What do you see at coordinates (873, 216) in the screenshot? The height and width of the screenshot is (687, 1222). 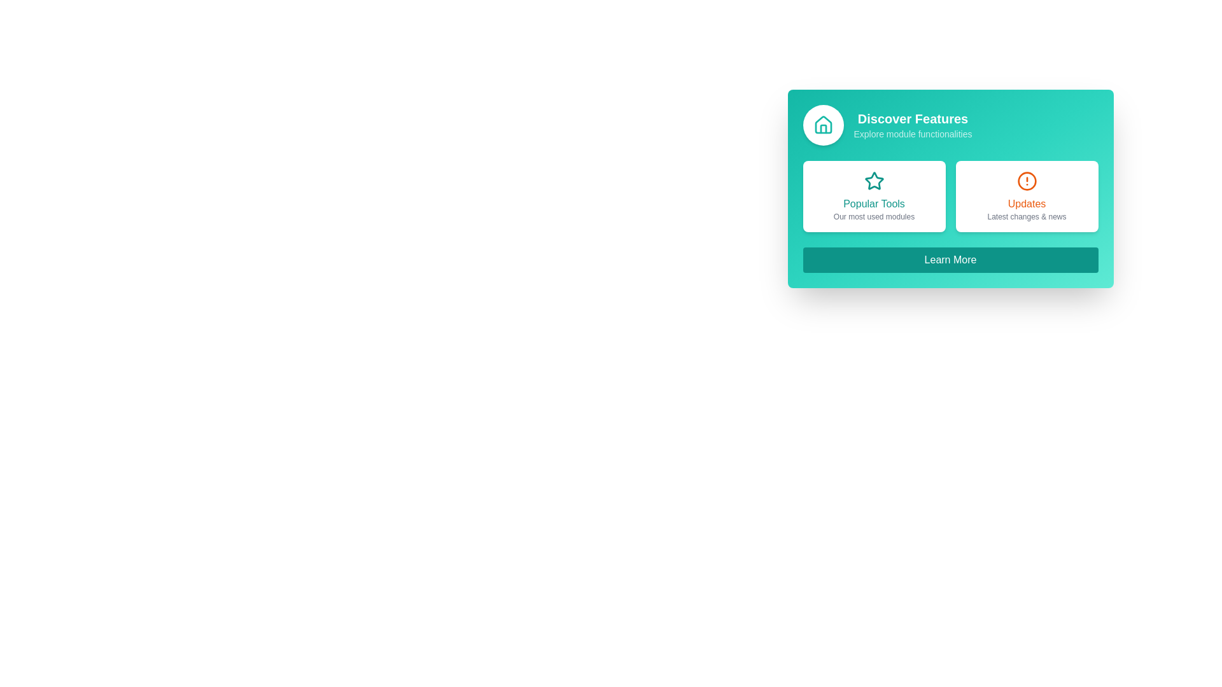 I see `the static text element located beneath the 'Popular Tools' section in the 'Discover Features' card` at bounding box center [873, 216].